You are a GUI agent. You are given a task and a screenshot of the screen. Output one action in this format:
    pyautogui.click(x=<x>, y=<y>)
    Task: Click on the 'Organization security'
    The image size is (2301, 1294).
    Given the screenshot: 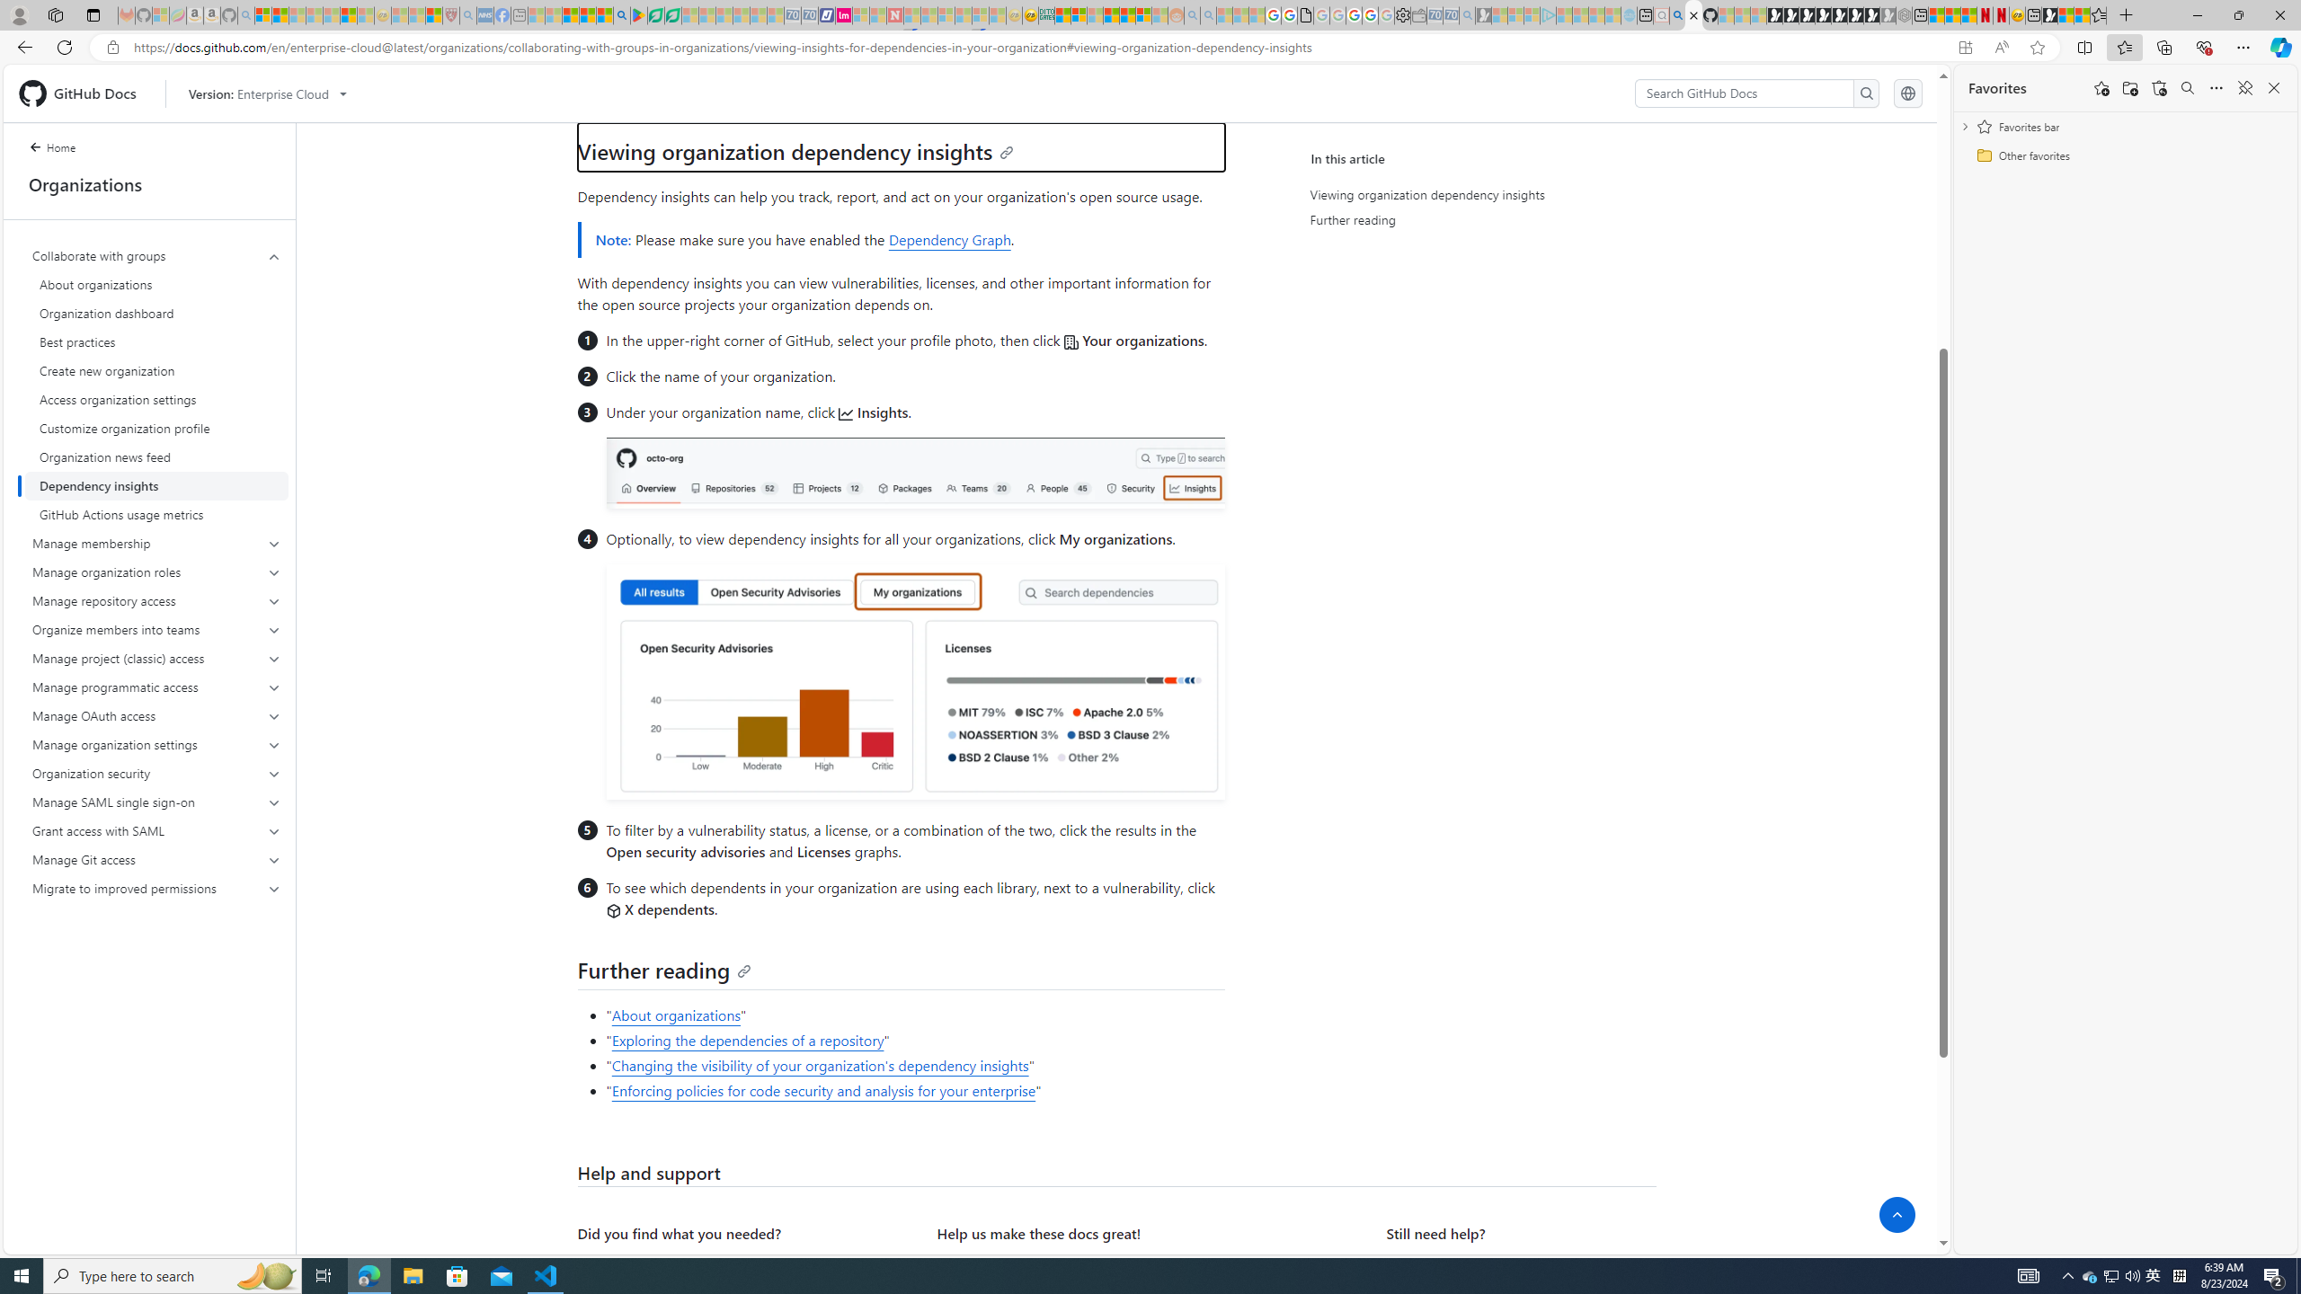 What is the action you would take?
    pyautogui.click(x=157, y=774)
    